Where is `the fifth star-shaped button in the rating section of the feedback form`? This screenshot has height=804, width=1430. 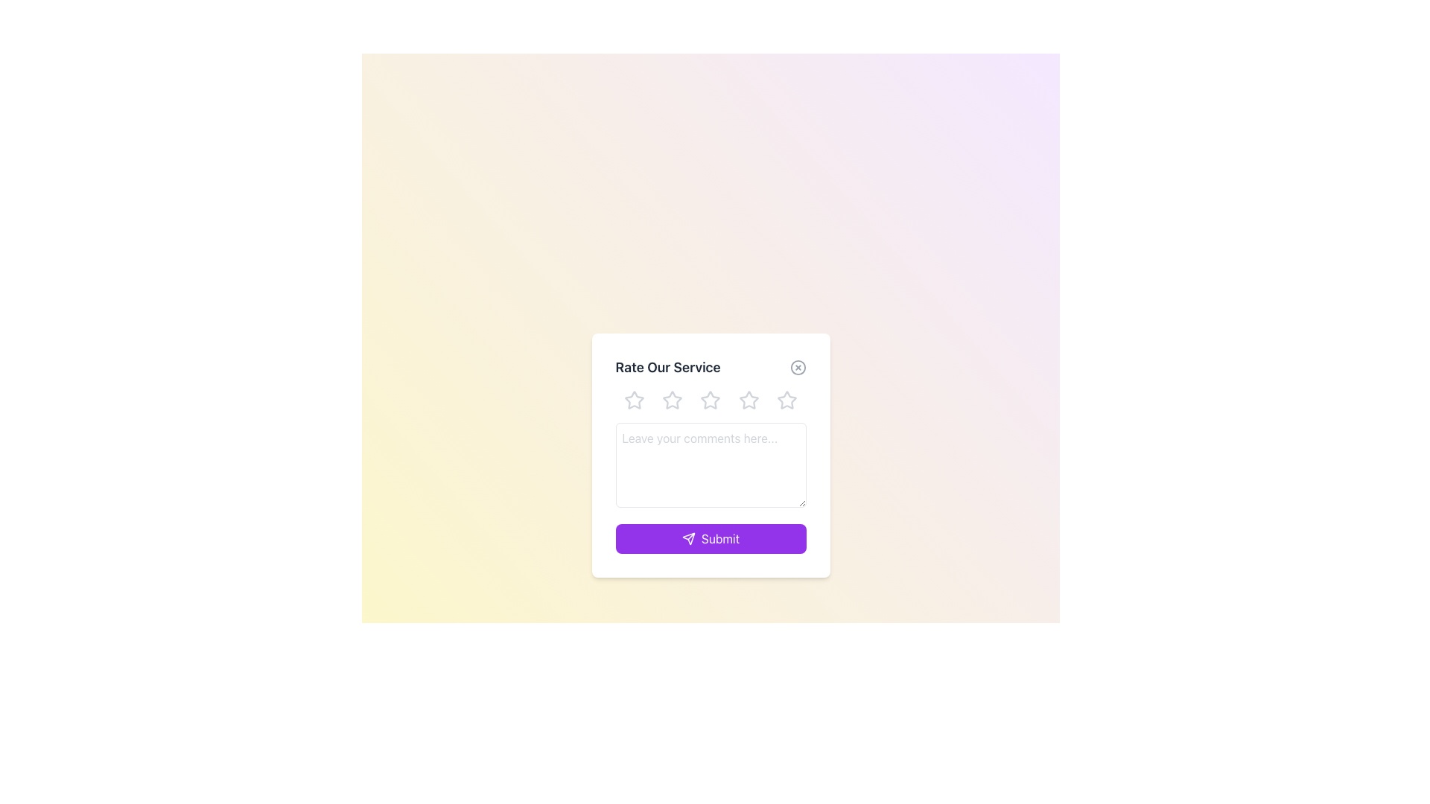 the fifth star-shaped button in the rating section of the feedback form is located at coordinates (786, 399).